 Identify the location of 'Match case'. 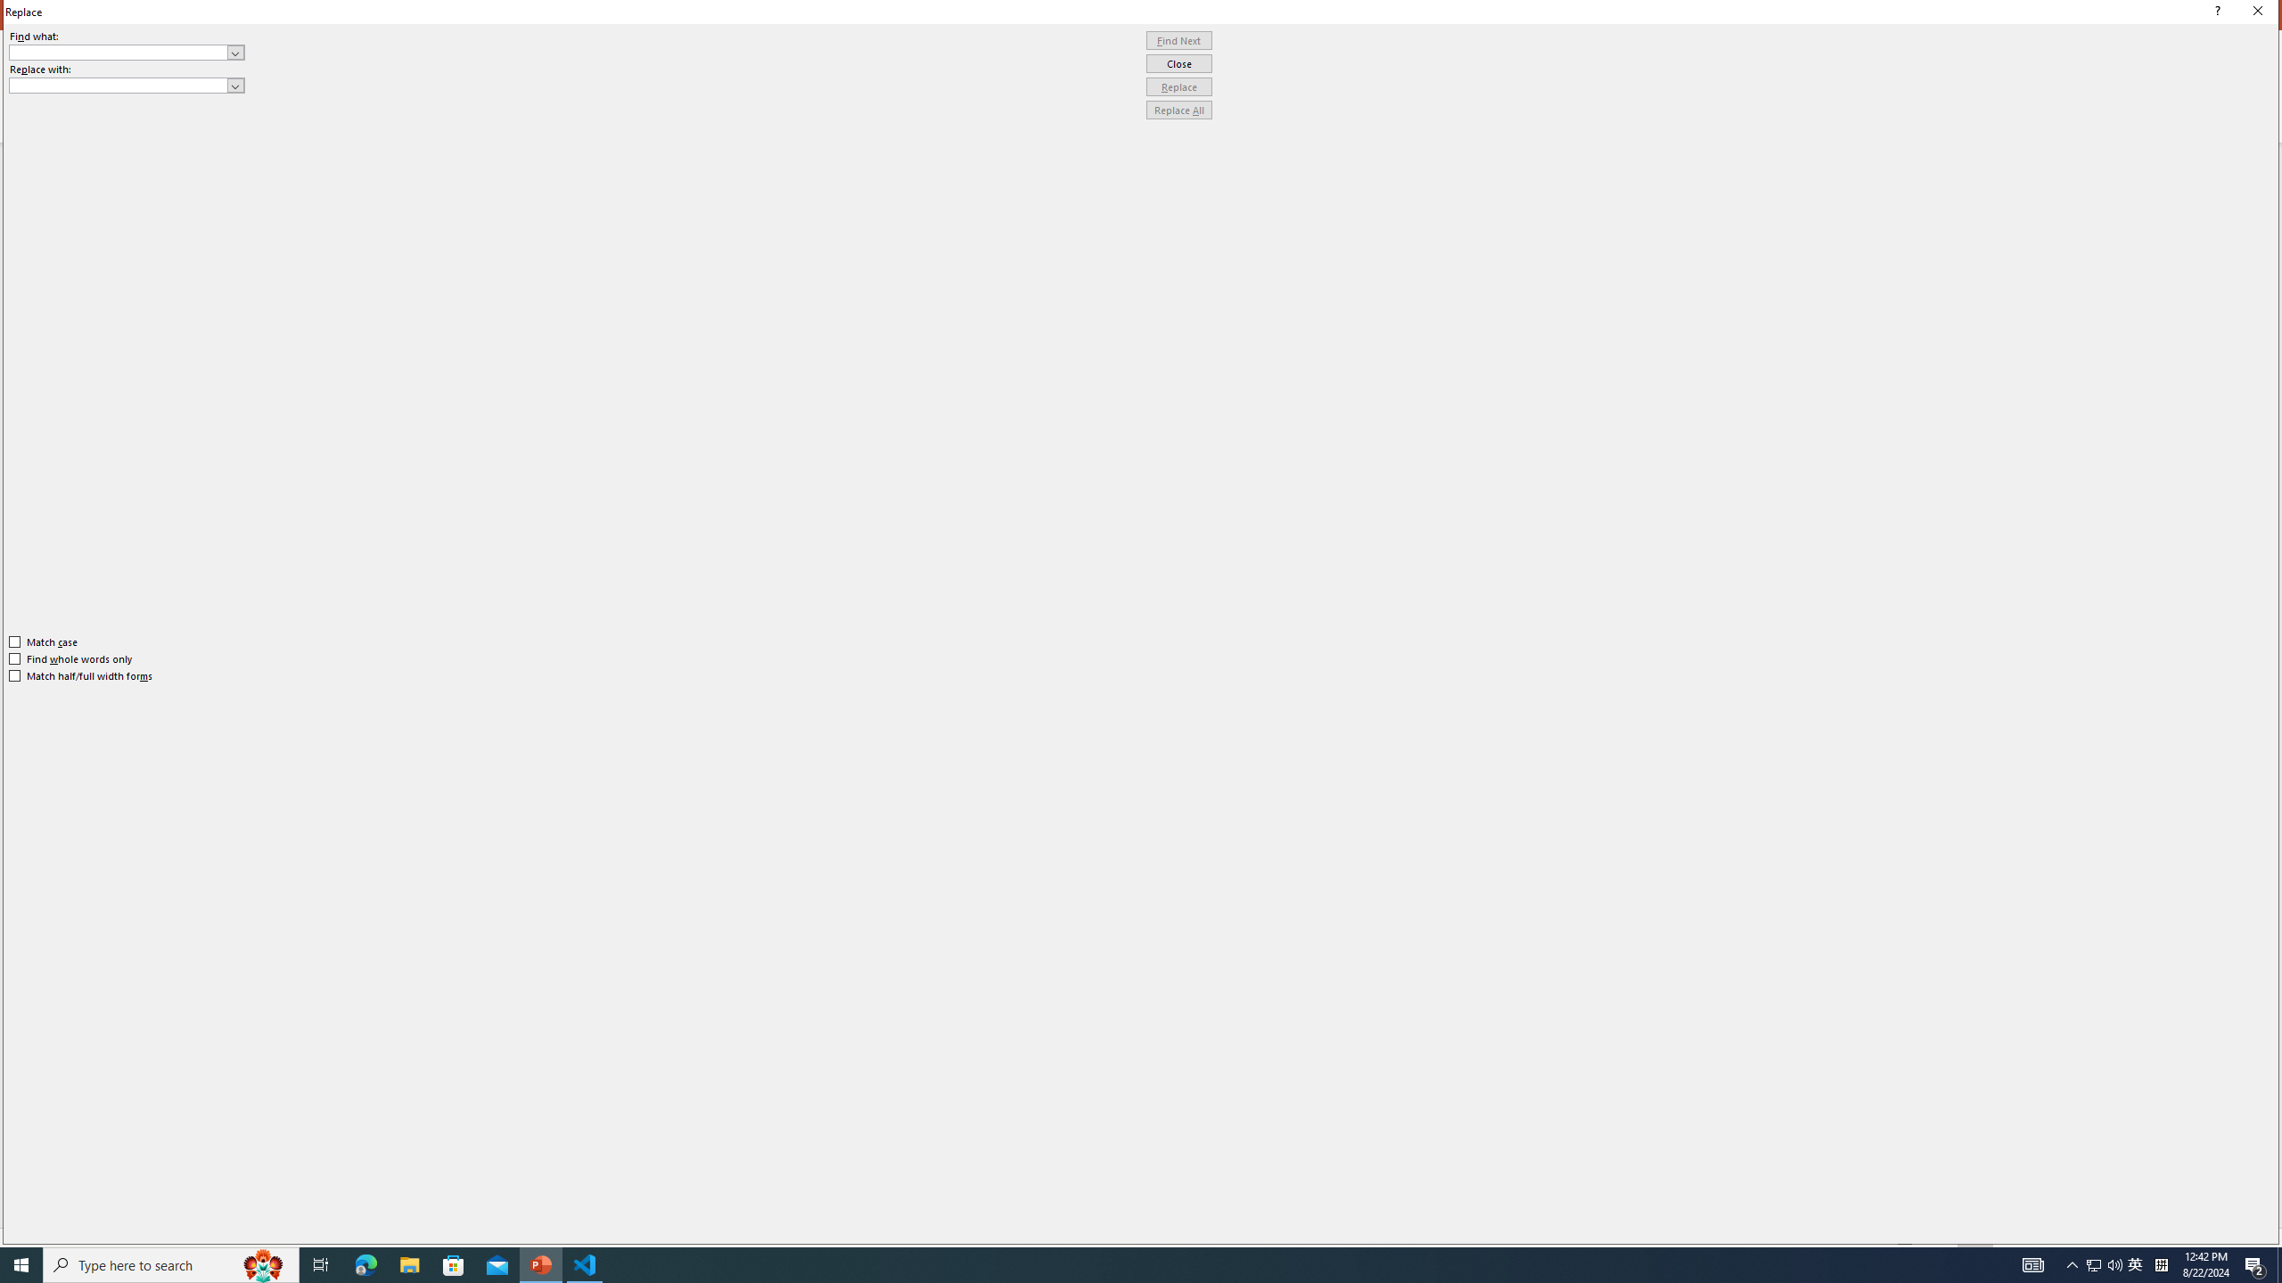
(43, 641).